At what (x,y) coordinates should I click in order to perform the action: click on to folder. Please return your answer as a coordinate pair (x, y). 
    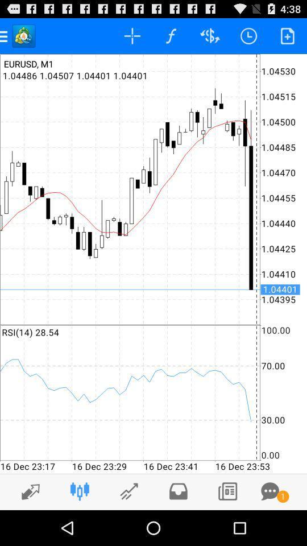
    Looking at the image, I should click on (178, 491).